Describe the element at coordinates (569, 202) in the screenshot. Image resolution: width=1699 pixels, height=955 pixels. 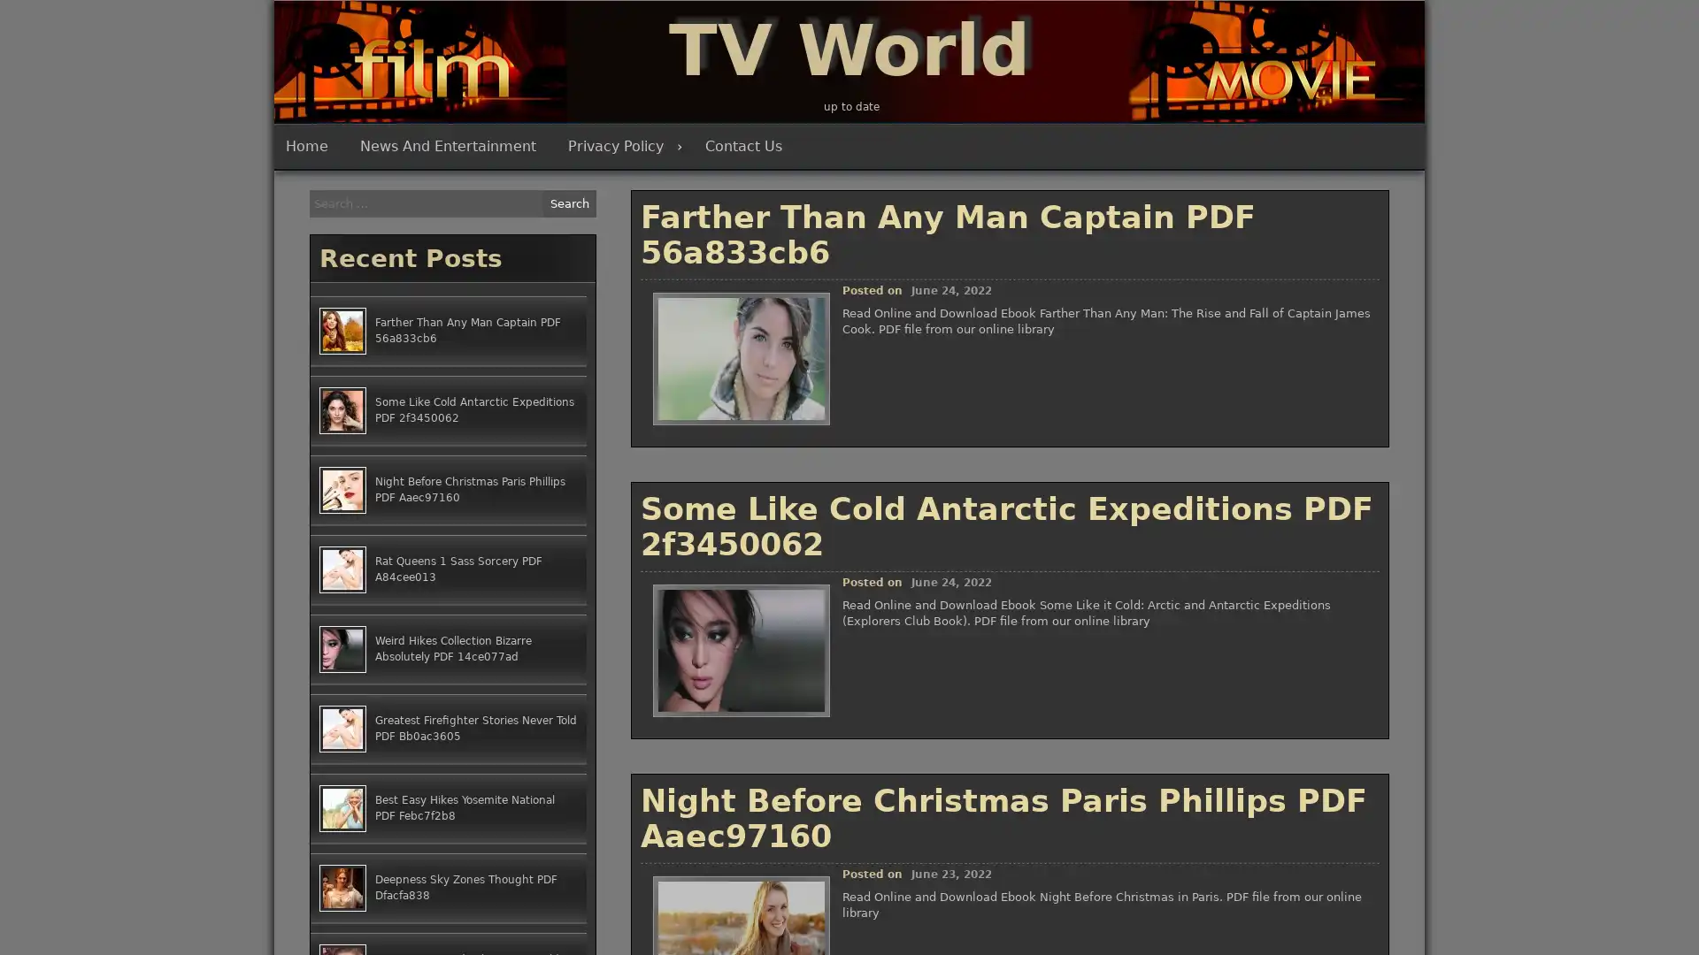
I see `Search` at that location.